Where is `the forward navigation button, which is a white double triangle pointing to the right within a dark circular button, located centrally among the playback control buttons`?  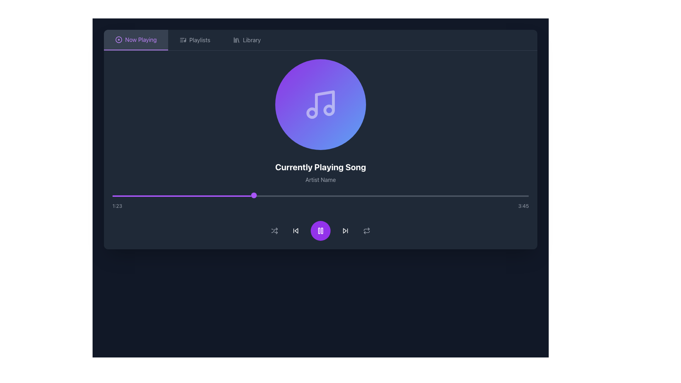
the forward navigation button, which is a white double triangle pointing to the right within a dark circular button, located centrally among the playback control buttons is located at coordinates (345, 231).